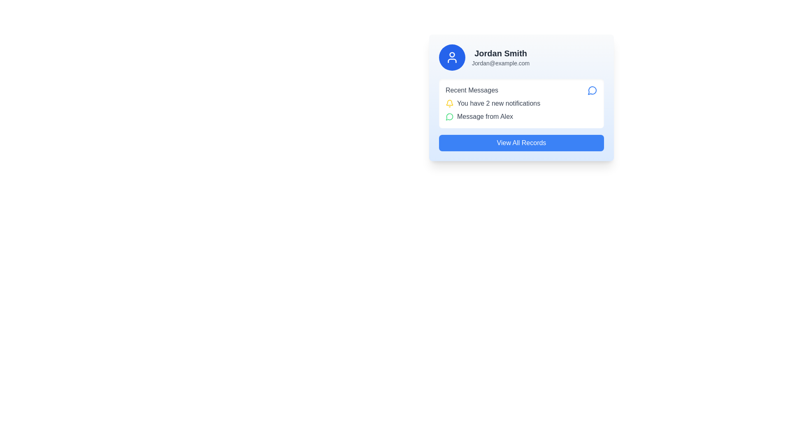 The image size is (790, 444). Describe the element at coordinates (452, 57) in the screenshot. I see `the user profile icon located in the circular area at the top-left corner of the user card component, which symbolizes personal or account information, if it is interactive` at that location.